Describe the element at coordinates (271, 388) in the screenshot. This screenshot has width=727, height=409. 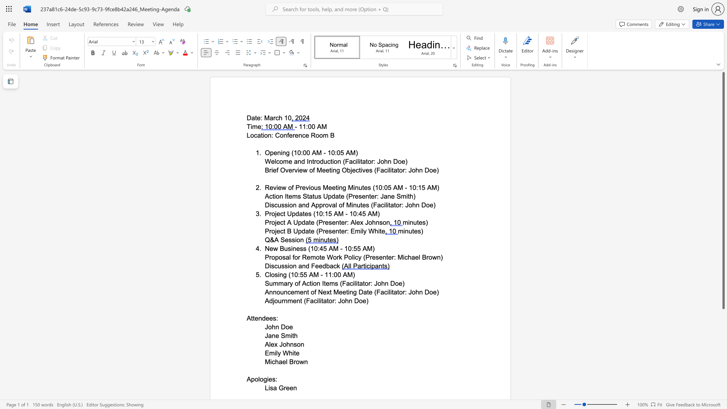
I see `the 1th character "s" in the text` at that location.